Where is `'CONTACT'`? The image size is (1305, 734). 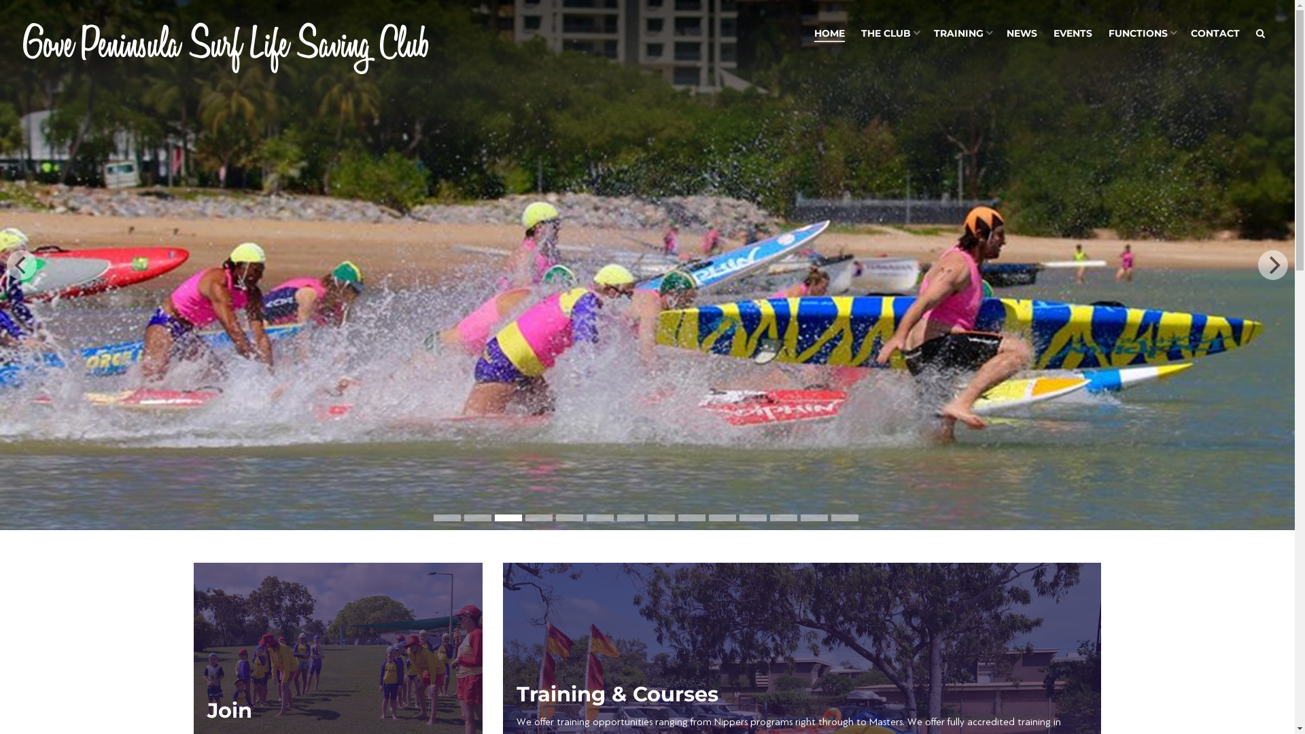
'CONTACT' is located at coordinates (1215, 33).